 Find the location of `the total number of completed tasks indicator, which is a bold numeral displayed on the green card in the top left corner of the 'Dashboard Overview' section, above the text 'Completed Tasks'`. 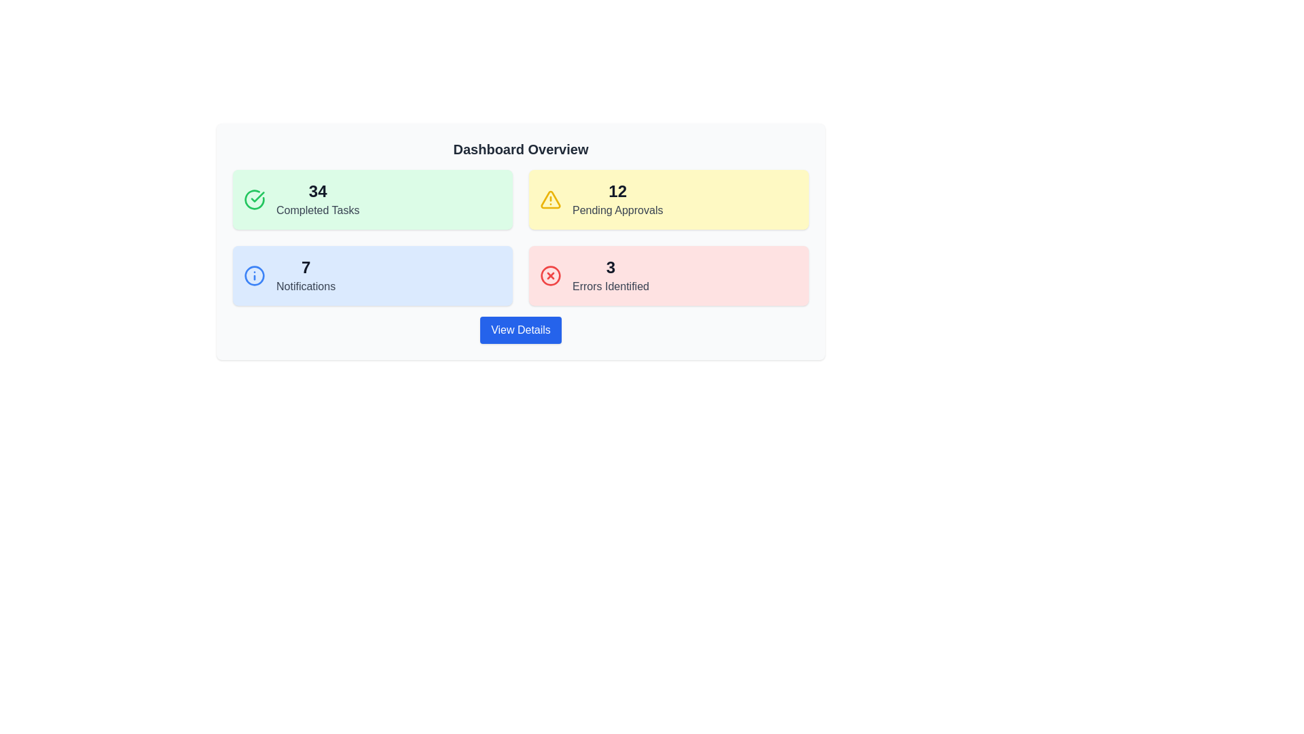

the total number of completed tasks indicator, which is a bold numeral displayed on the green card in the top left corner of the 'Dashboard Overview' section, above the text 'Completed Tasks' is located at coordinates (317, 191).